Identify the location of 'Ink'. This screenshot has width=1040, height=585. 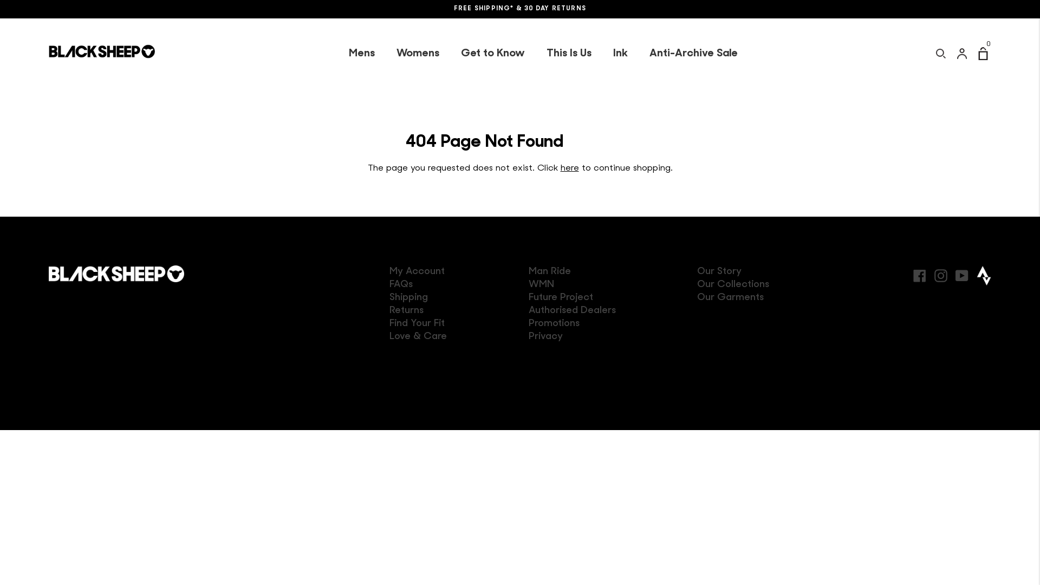
(620, 54).